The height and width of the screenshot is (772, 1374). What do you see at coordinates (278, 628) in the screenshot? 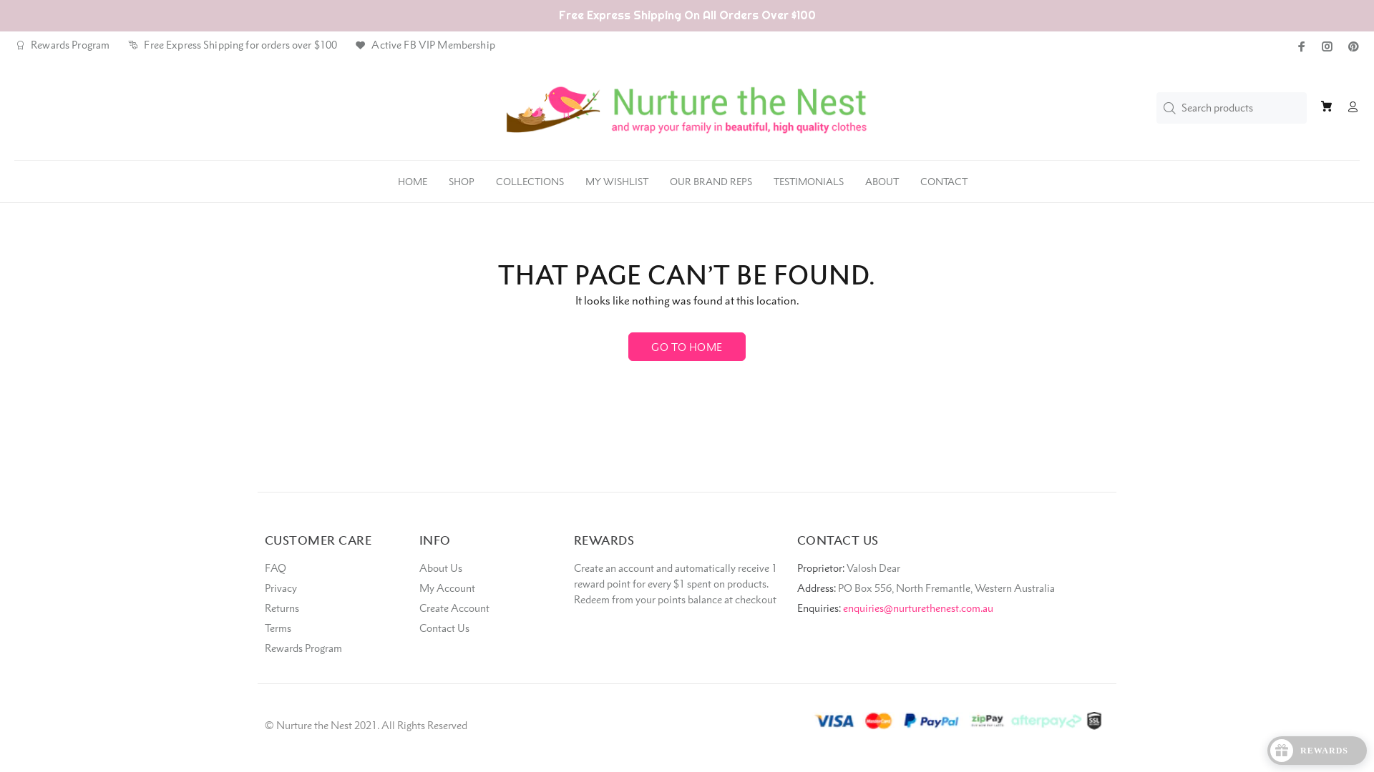
I see `'Terms'` at bounding box center [278, 628].